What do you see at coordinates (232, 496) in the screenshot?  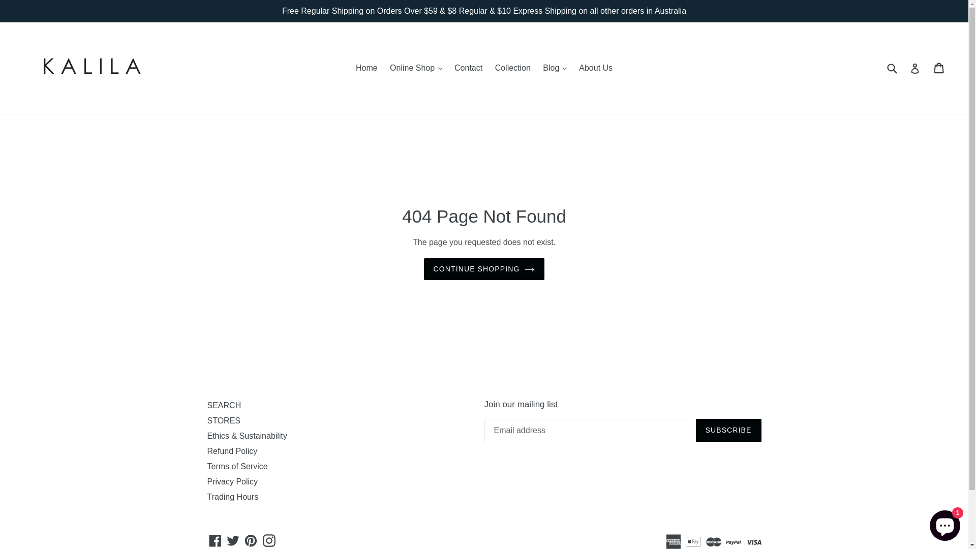 I see `'Trading Hours'` at bounding box center [232, 496].